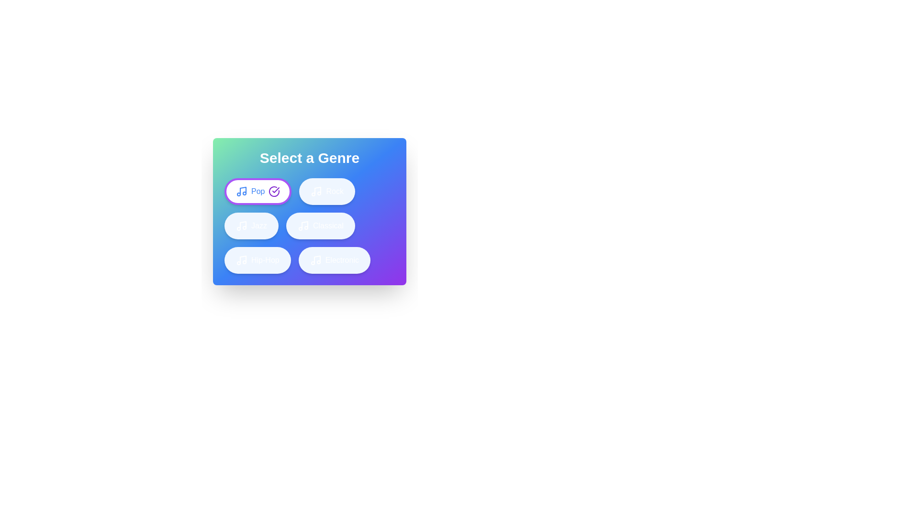 The height and width of the screenshot is (516, 919). What do you see at coordinates (258, 192) in the screenshot?
I see `the 'Pop' music genre selection button located in the top-left area of the genre selection grid` at bounding box center [258, 192].